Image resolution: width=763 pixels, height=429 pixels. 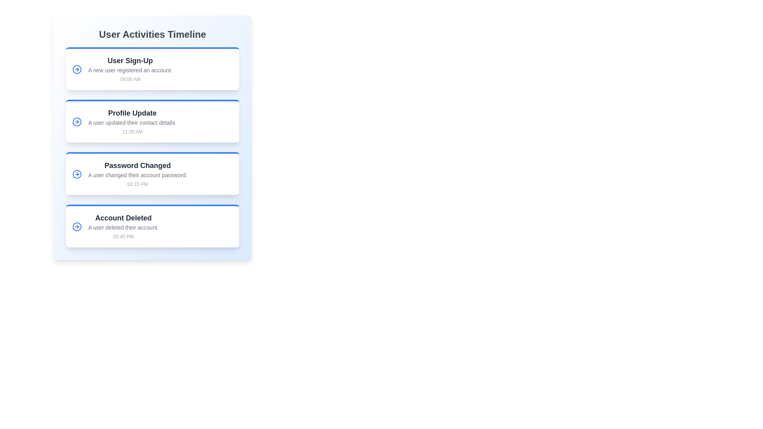 What do you see at coordinates (153, 226) in the screenshot?
I see `text content of the Notification card that notifies the user of the event 'Account Deleted', which is the last card in the notification list` at bounding box center [153, 226].